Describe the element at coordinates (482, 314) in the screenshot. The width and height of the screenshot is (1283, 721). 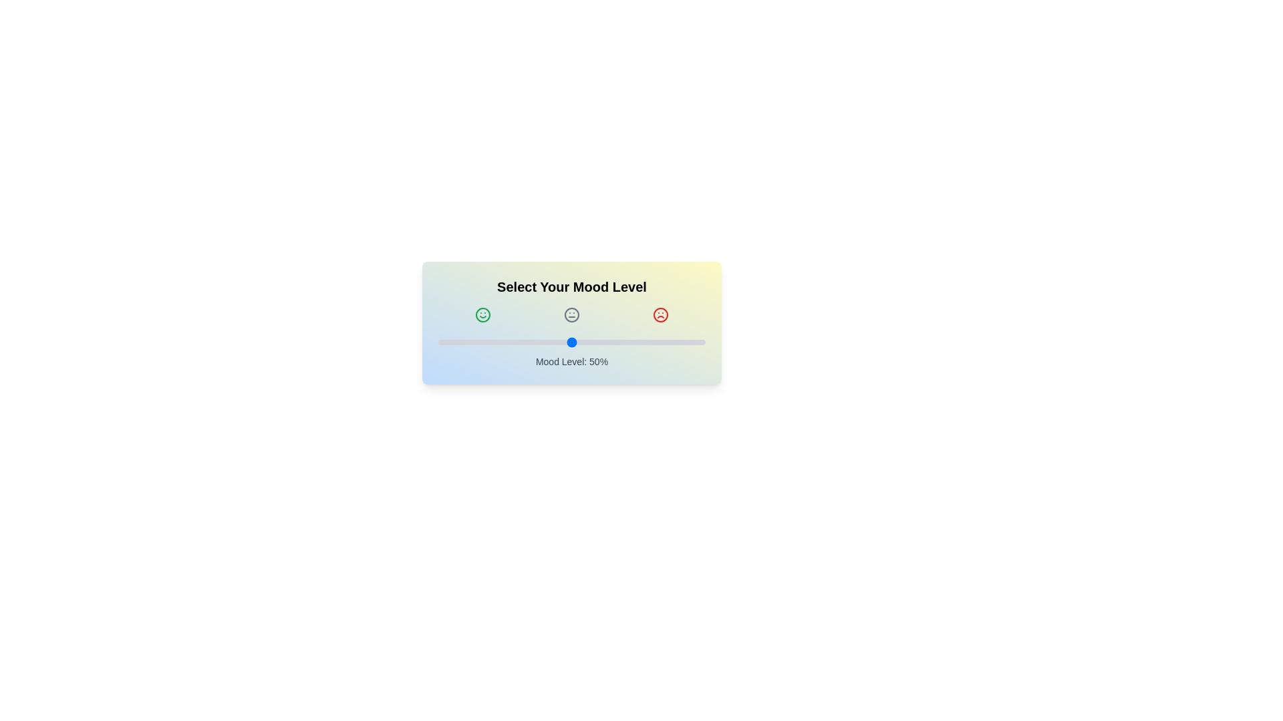
I see `decorative circle representing the smiley face icon for a positive mood in the mood selection interface, located within the panel labeled 'Select Your Mood Level.'` at that location.